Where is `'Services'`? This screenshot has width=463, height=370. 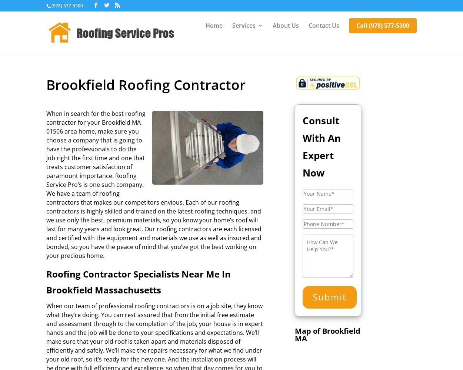 'Services' is located at coordinates (244, 25).